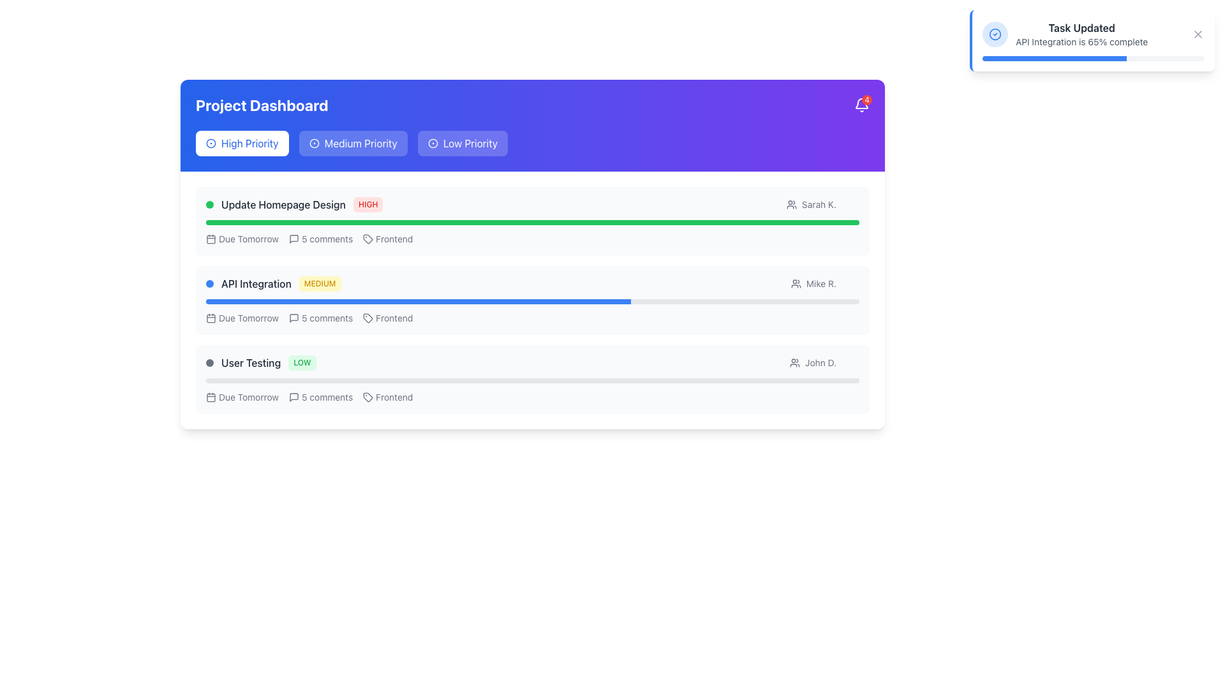 This screenshot has height=689, width=1225. What do you see at coordinates (824, 283) in the screenshot?
I see `the text 'Mike R.' with the accompanying icon on the far right-hand side of the 'API Integration' row` at bounding box center [824, 283].